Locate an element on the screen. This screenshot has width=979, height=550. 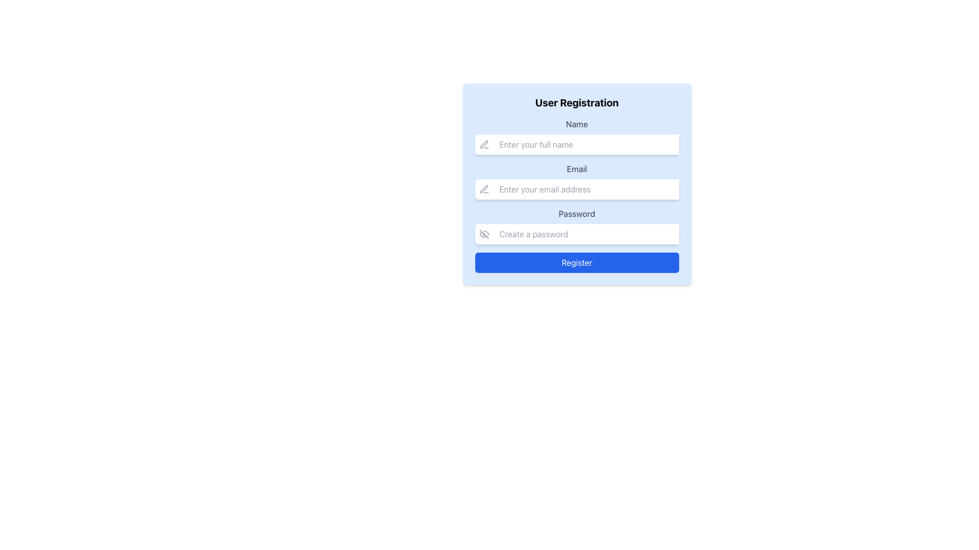
the 'Password' text label in the User Registration form, which is styled in gray serif font and positioned above the Password input field is located at coordinates (577, 213).